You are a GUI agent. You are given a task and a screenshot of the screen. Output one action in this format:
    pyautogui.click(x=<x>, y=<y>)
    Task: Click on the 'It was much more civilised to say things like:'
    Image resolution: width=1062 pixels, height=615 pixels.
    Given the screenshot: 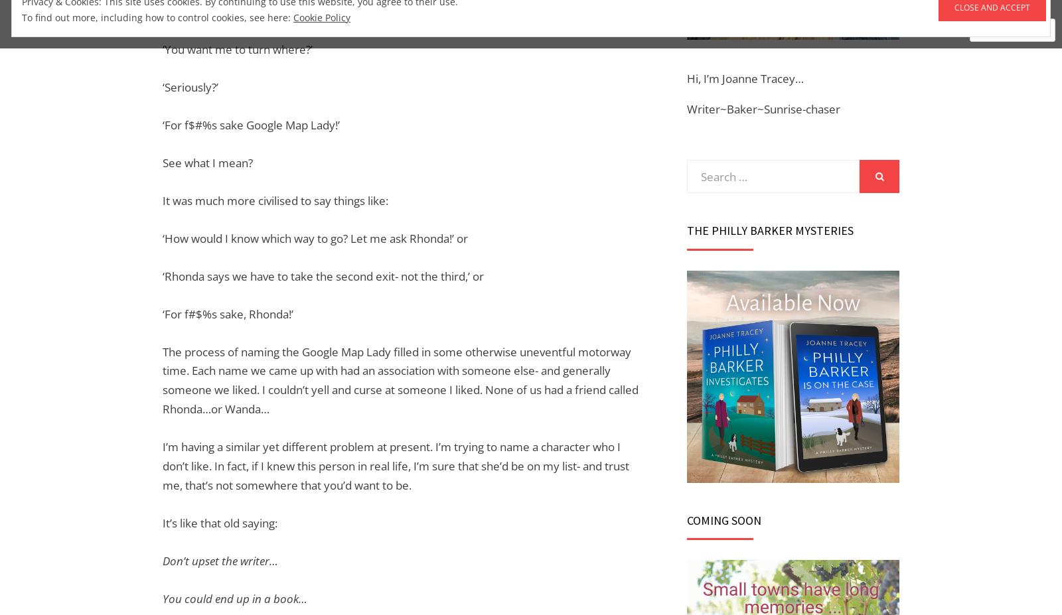 What is the action you would take?
    pyautogui.click(x=275, y=200)
    